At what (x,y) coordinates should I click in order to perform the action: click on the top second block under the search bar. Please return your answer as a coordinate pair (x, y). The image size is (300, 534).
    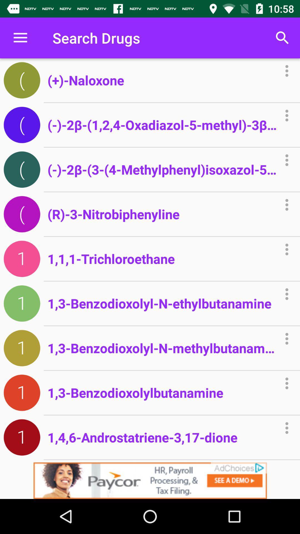
    Looking at the image, I should click on (22, 125).